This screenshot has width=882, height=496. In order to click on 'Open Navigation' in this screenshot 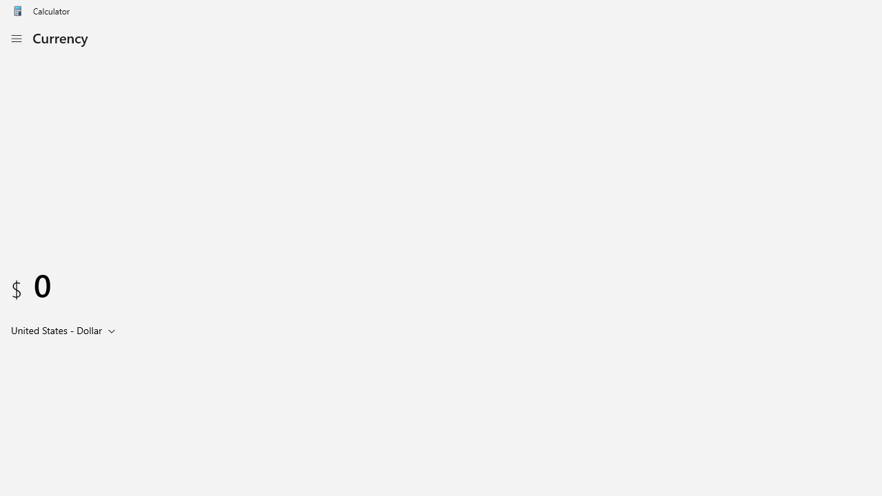, I will do `click(16, 38)`.